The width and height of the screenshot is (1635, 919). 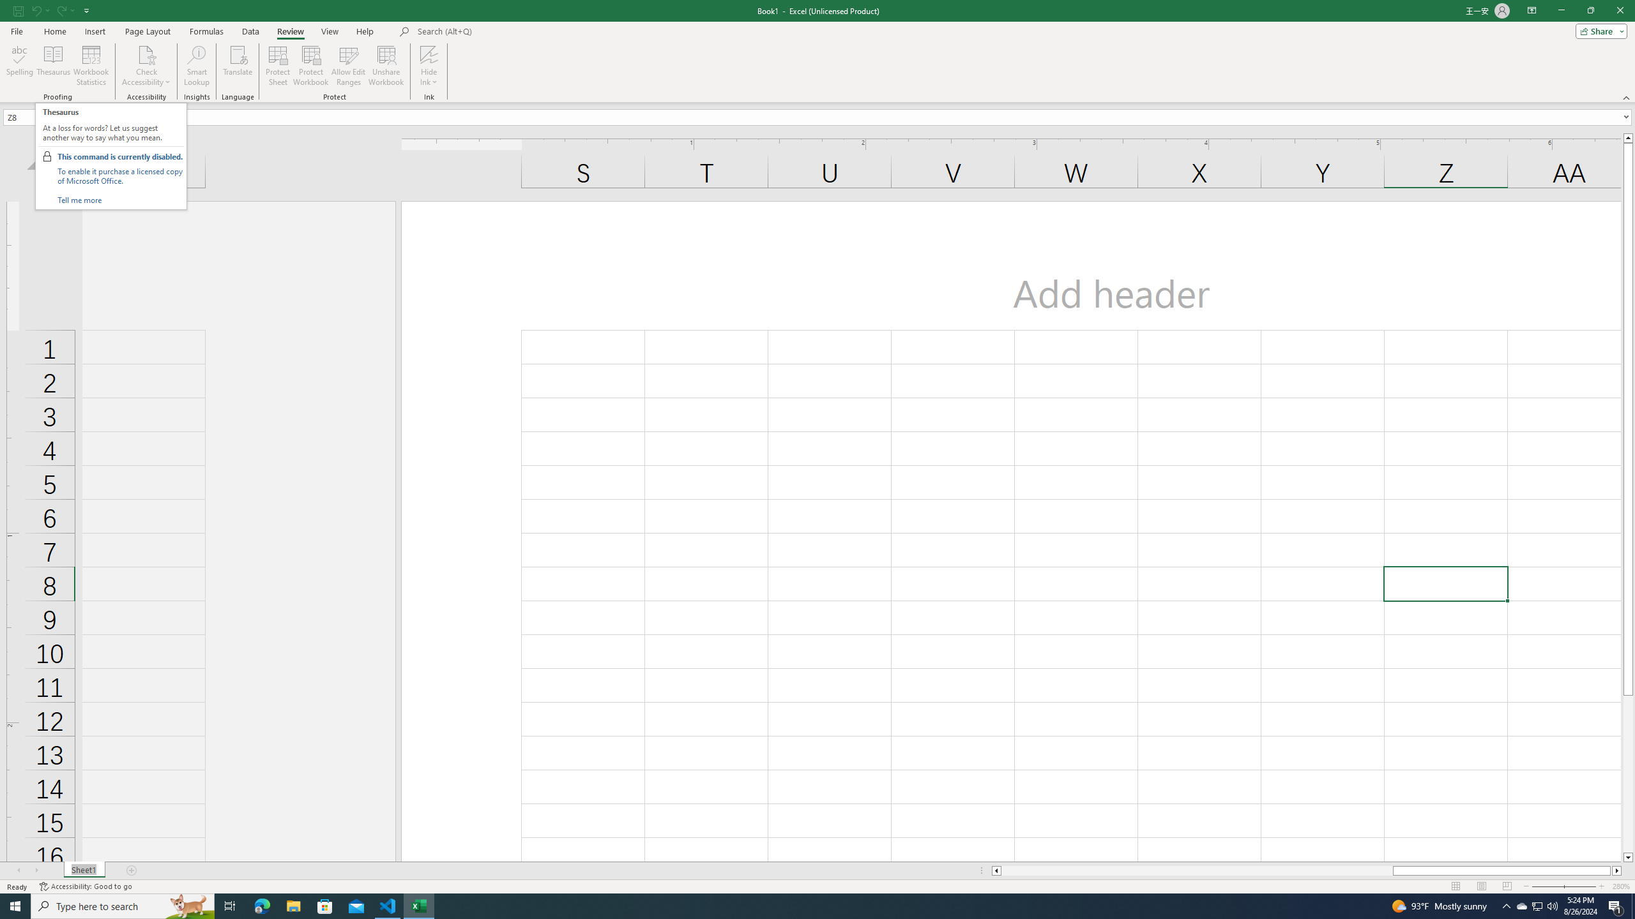 I want to click on 'Allow Edit Ranges', so click(x=349, y=66).